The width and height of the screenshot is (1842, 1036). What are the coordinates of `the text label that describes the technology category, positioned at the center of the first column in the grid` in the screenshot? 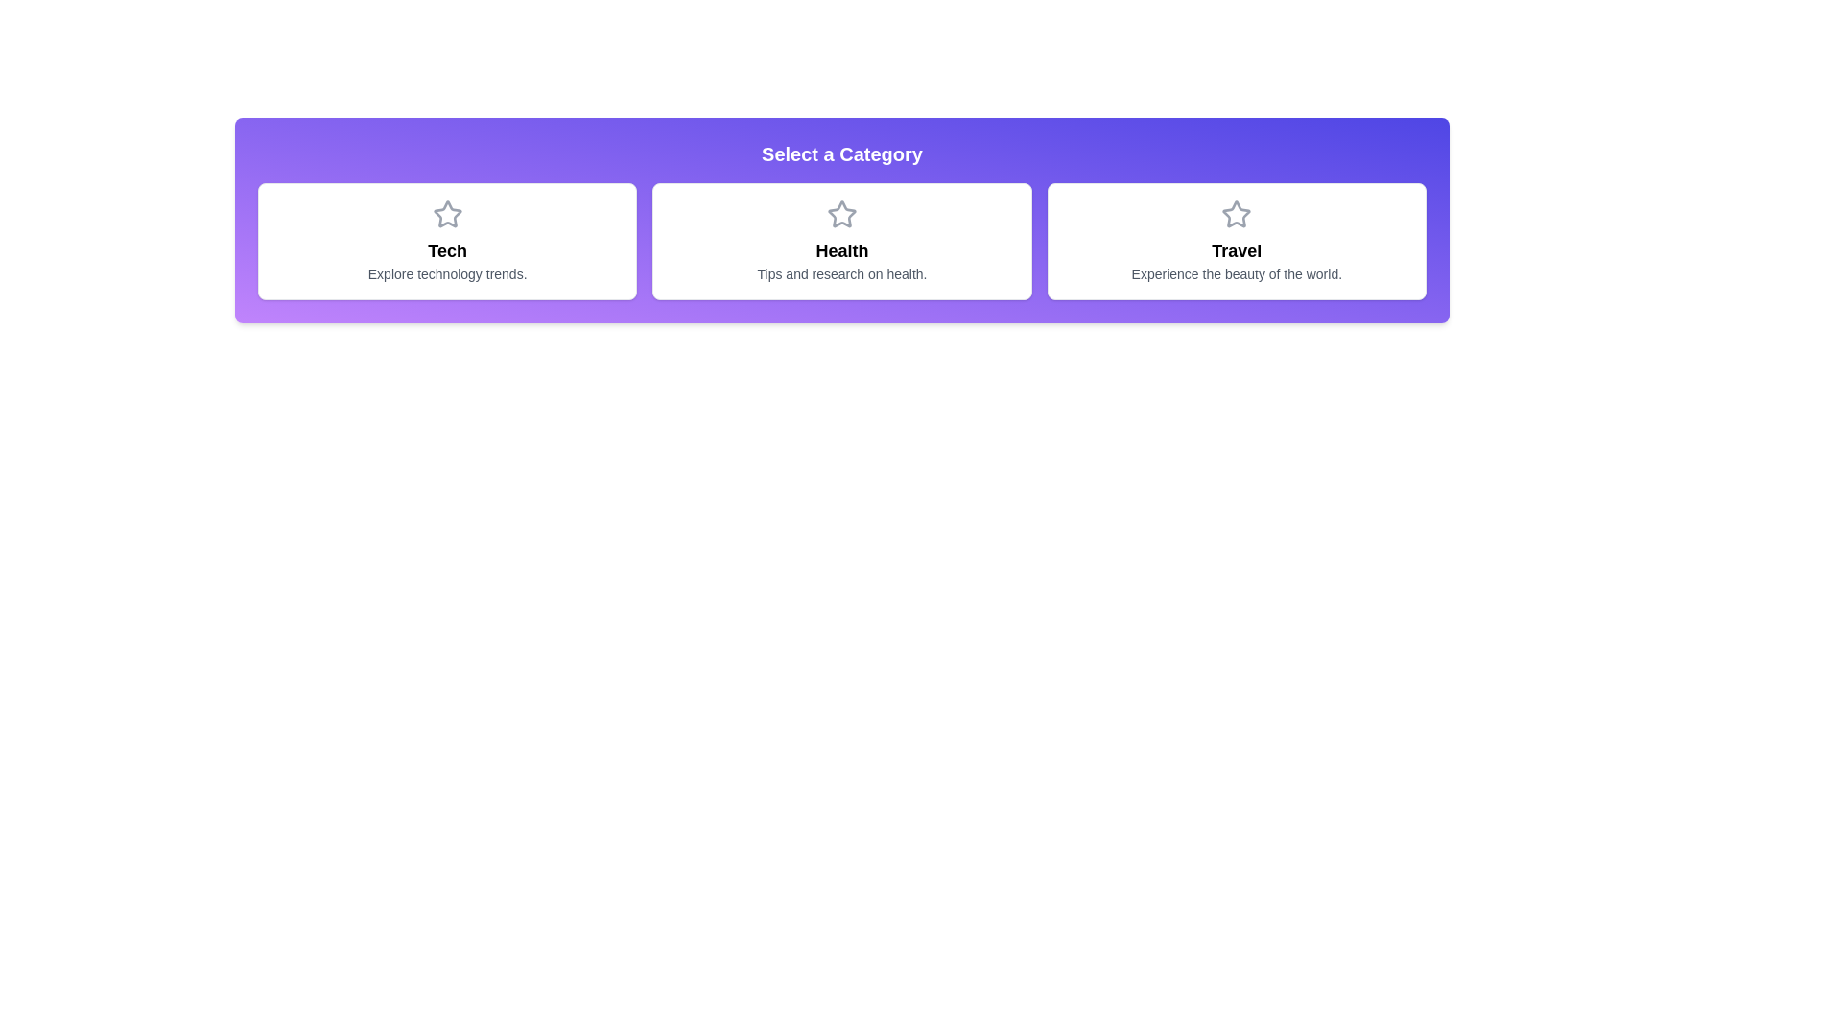 It's located at (446, 250).